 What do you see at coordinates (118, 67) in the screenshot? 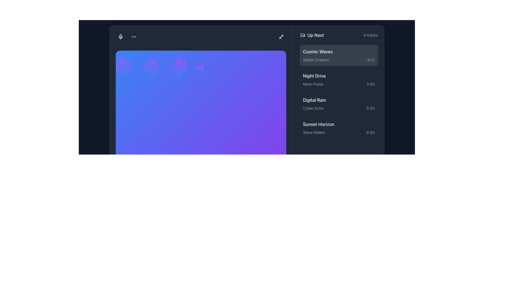
I see `the second vertical gradient bar, which transitions from blue at the bottom to purple at the top, located on the left side of the interface` at bounding box center [118, 67].